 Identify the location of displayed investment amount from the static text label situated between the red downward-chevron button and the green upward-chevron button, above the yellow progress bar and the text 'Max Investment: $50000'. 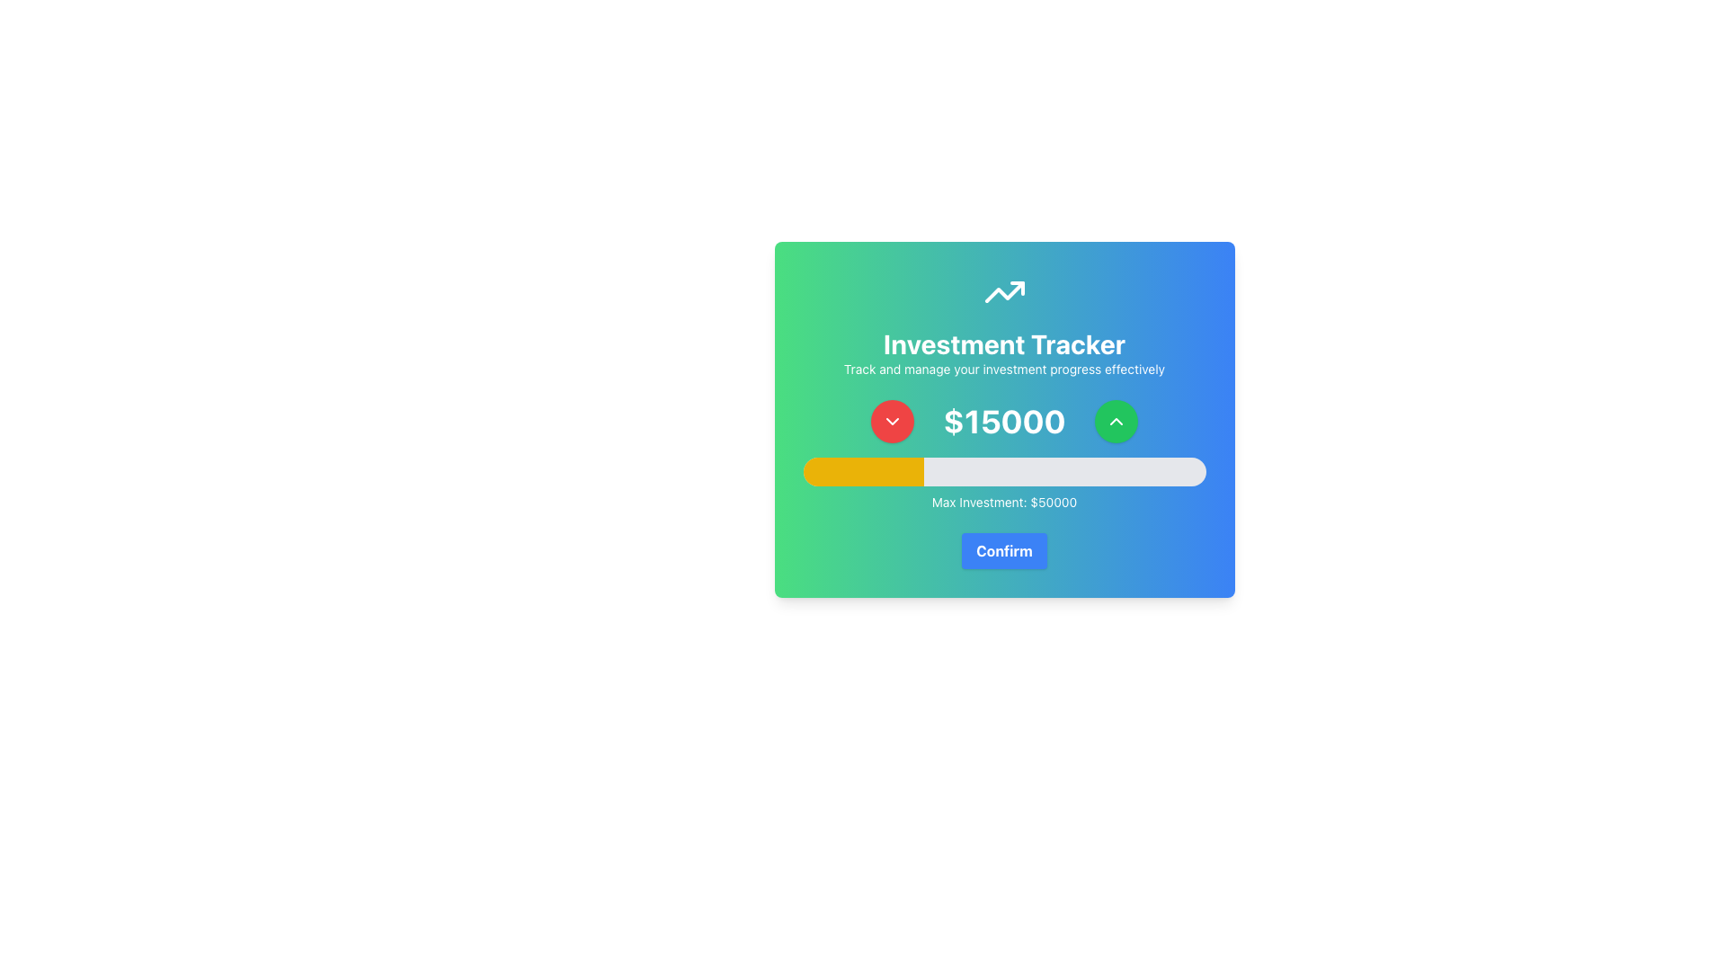
(1003, 422).